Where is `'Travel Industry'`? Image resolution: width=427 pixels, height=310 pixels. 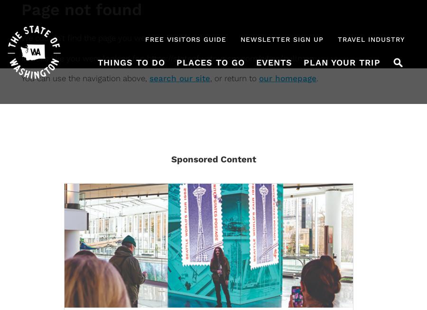 'Travel Industry' is located at coordinates (371, 38).